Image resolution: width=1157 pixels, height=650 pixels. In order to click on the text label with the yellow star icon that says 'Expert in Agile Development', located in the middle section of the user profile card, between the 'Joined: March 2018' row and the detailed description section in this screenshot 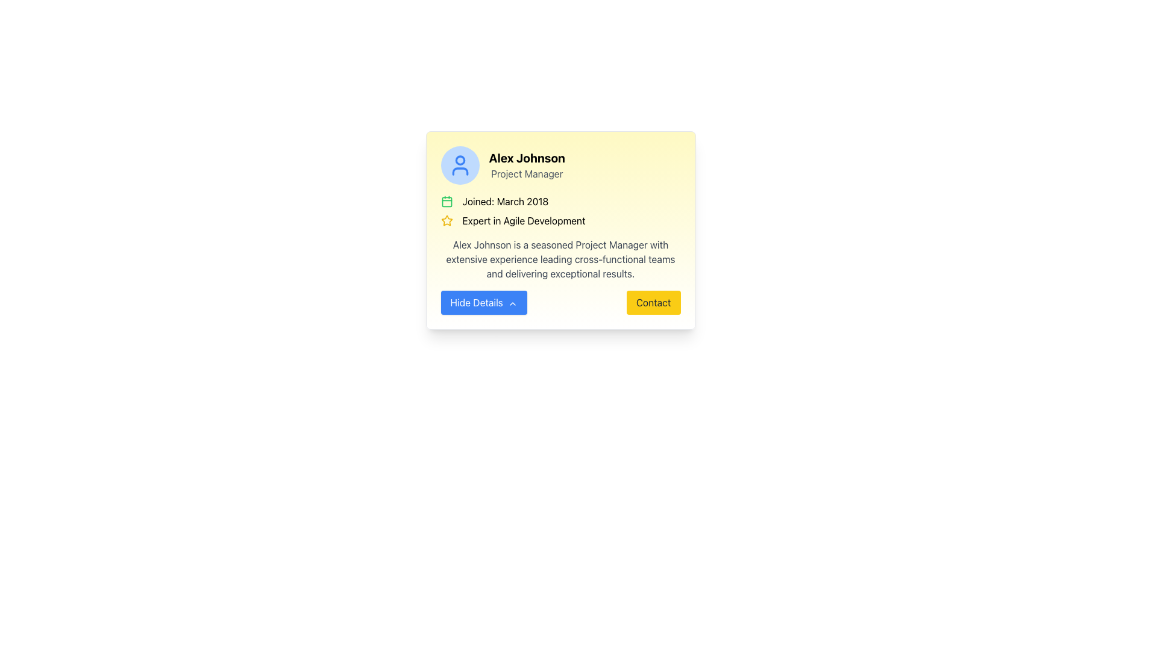, I will do `click(560, 220)`.